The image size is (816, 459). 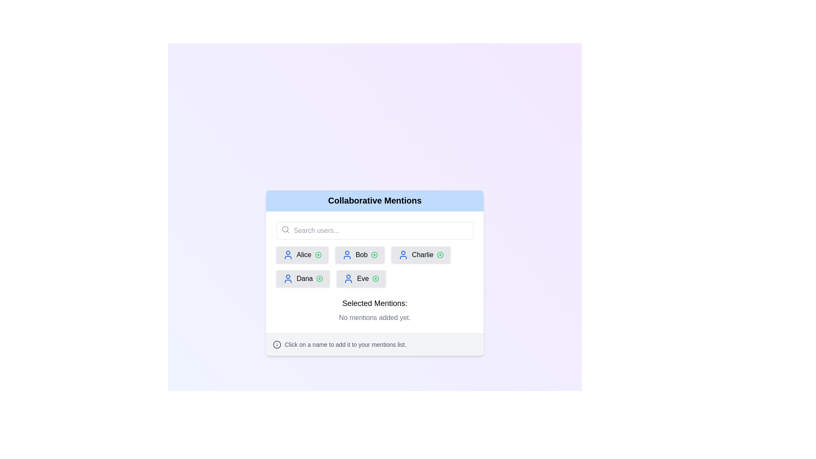 I want to click on the button labeled 'Charlie' with a blue user icon and a green '+' circle icon on the right, which is the third button in a horizontally aligned list of five buttons, so click(x=421, y=254).